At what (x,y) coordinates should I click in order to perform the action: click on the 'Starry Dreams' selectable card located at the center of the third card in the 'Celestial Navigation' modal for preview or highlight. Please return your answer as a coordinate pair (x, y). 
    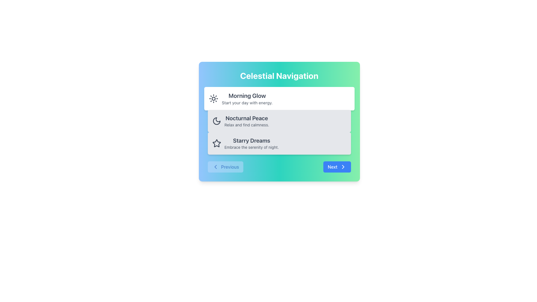
    Looking at the image, I should click on (279, 143).